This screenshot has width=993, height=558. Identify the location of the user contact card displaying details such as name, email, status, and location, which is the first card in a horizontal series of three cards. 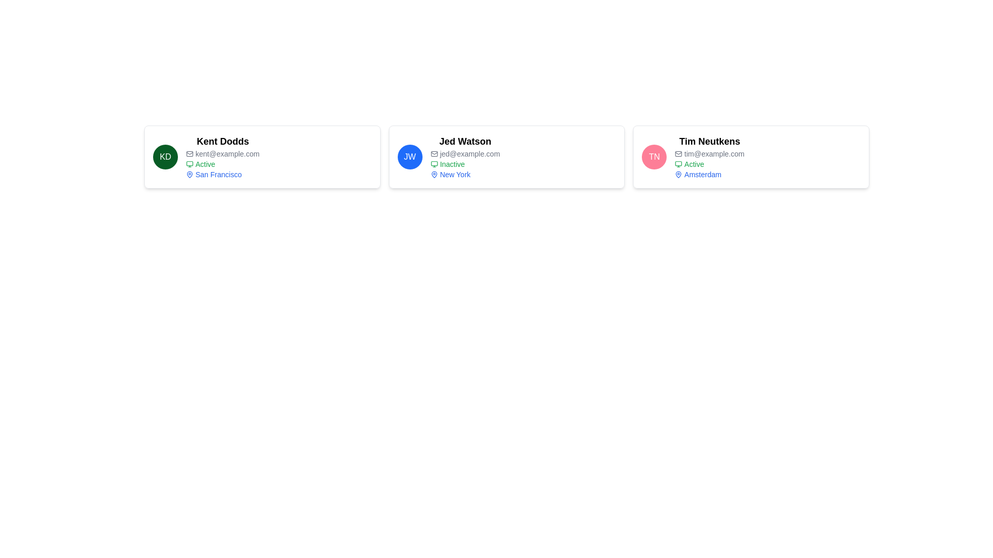
(262, 157).